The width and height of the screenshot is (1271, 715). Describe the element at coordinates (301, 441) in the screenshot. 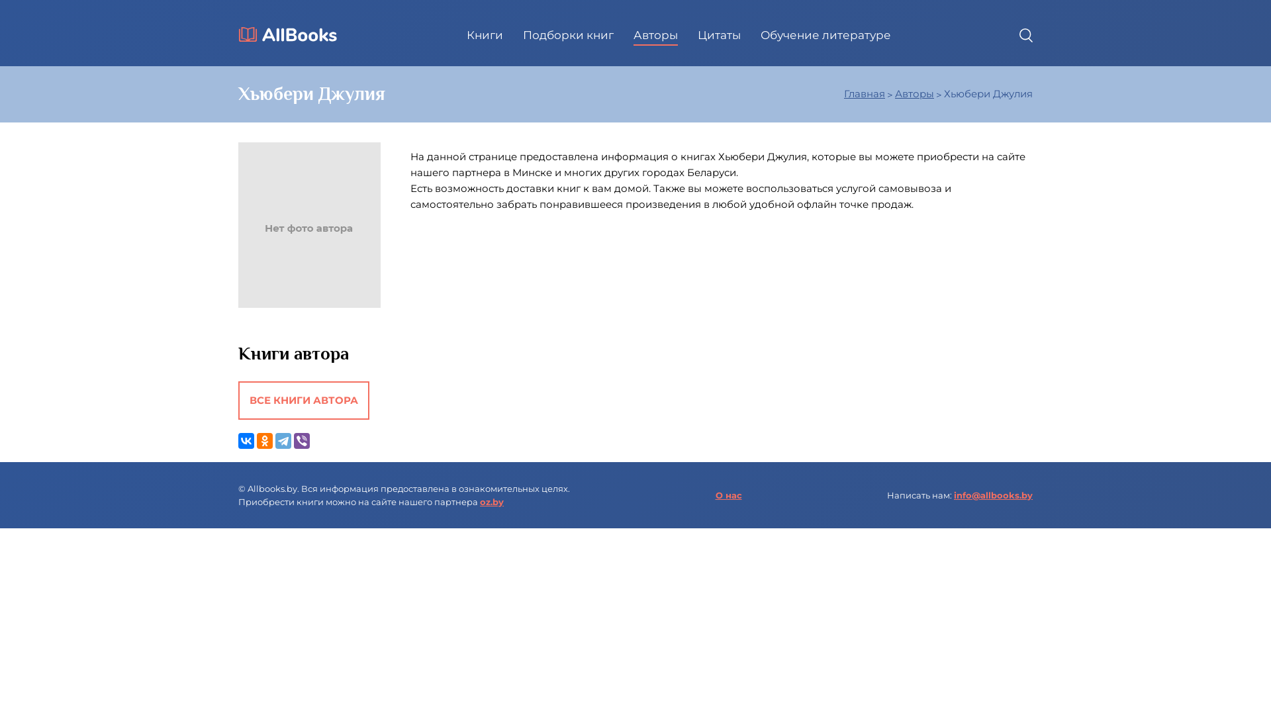

I see `'Viber'` at that location.